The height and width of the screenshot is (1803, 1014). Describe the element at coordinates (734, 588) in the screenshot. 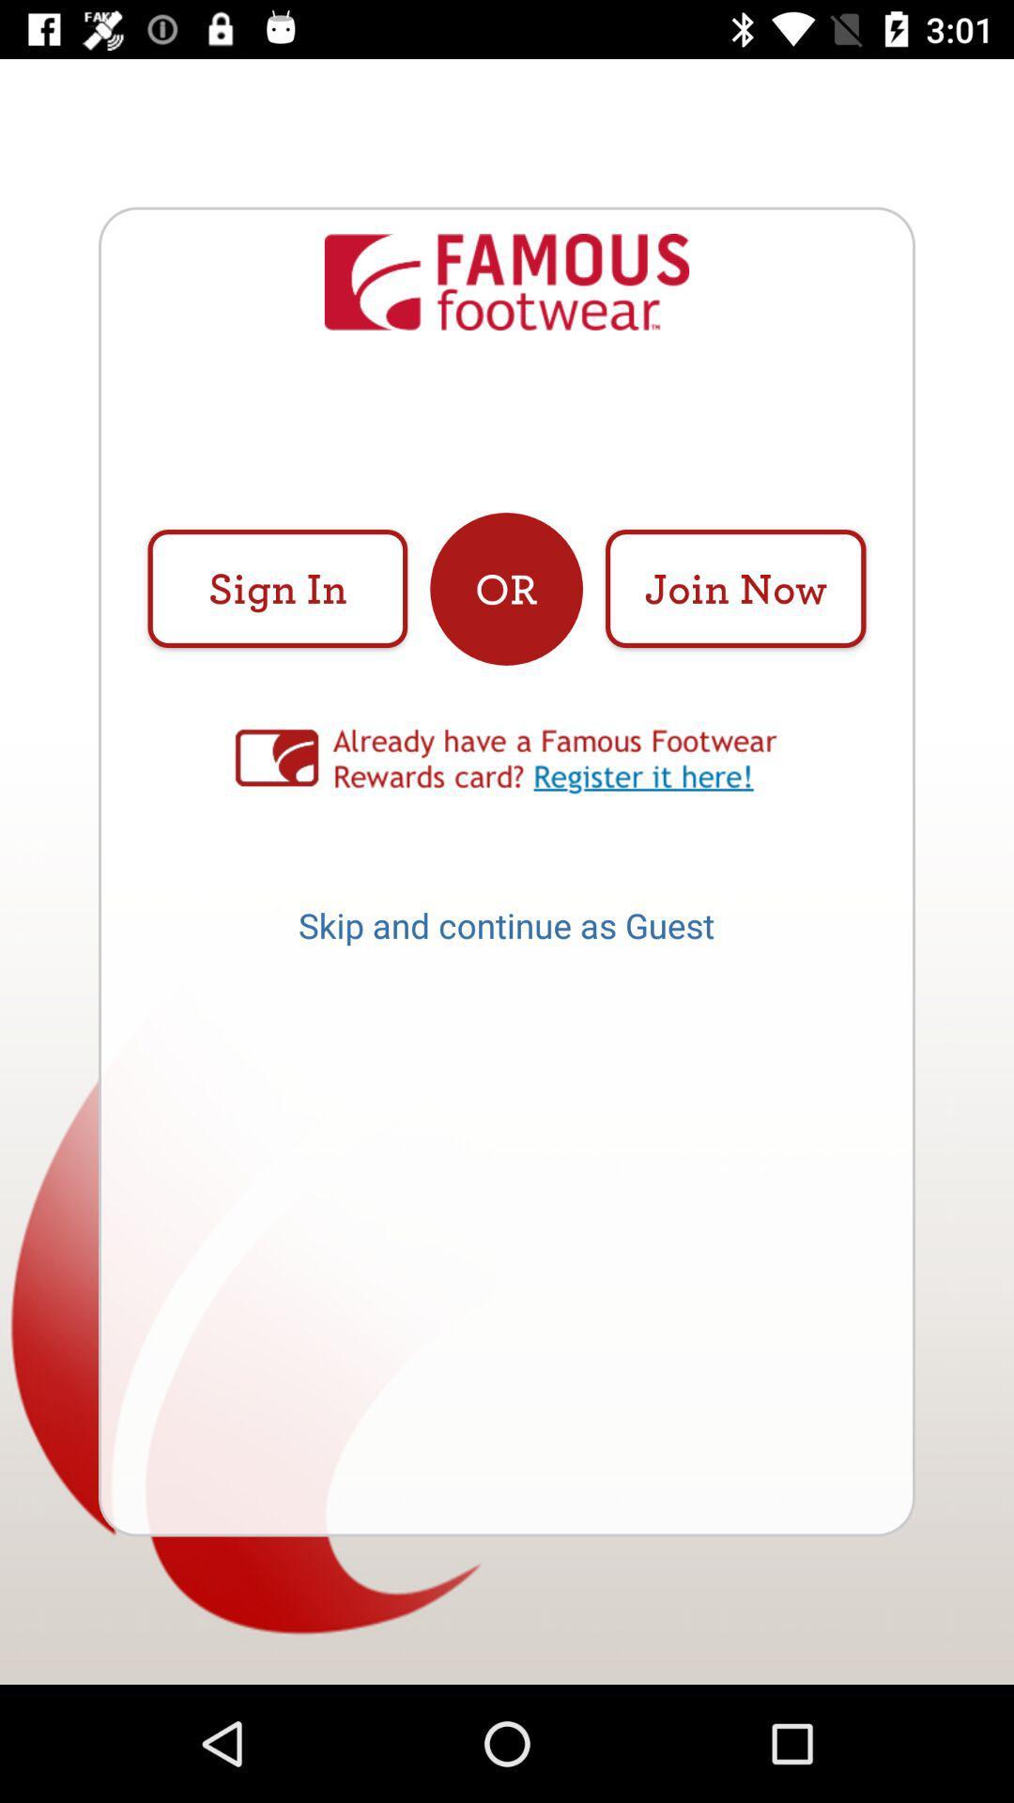

I see `icon next to or item` at that location.